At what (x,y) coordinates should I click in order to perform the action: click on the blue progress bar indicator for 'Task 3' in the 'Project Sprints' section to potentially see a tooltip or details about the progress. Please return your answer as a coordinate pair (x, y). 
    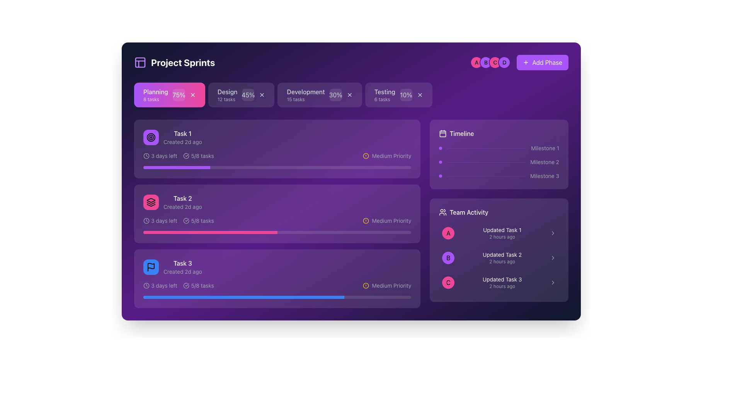
    Looking at the image, I should click on (243, 297).